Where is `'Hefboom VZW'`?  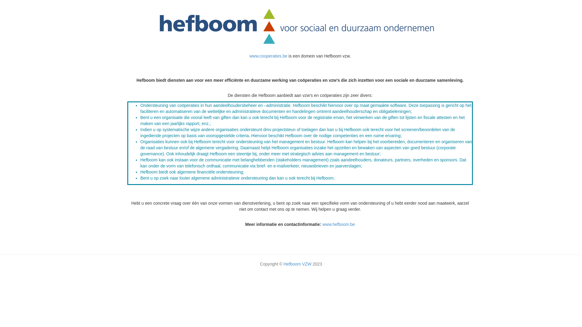
'Hefboom VZW' is located at coordinates (298, 263).